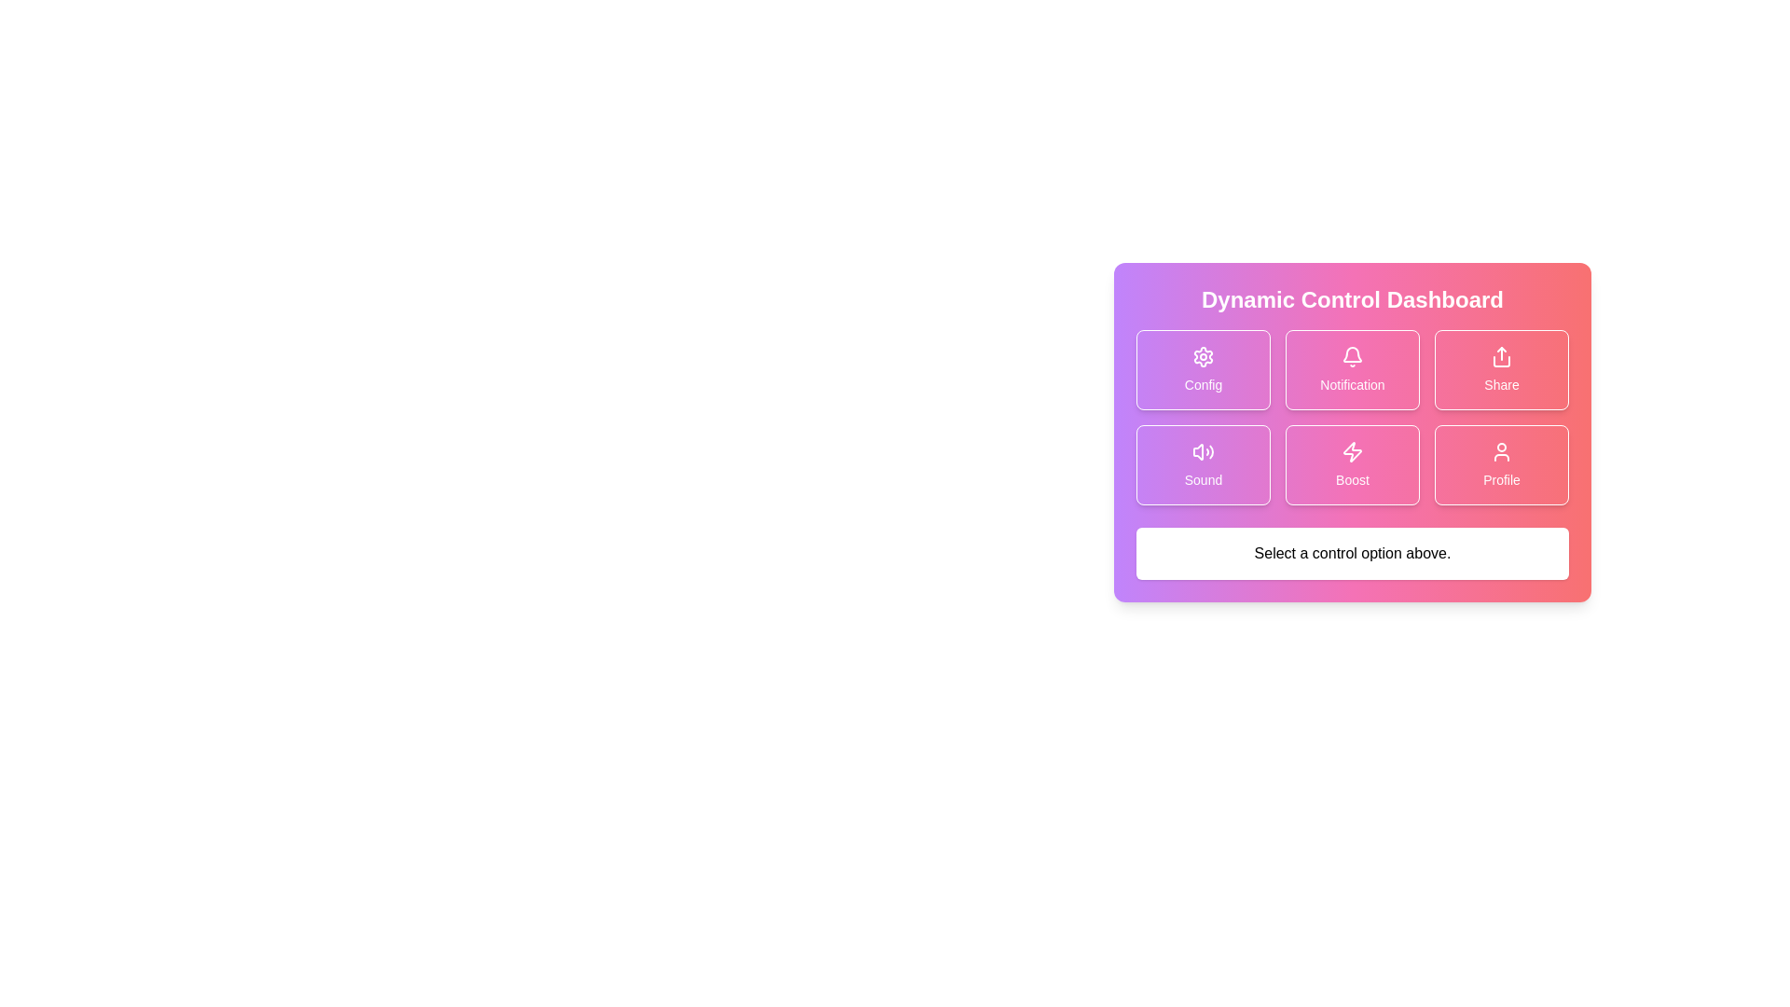 The height and width of the screenshot is (1007, 1790). What do you see at coordinates (1502, 362) in the screenshot?
I see `the 'Share' button located in the top-right corner of the control dashboard interface` at bounding box center [1502, 362].